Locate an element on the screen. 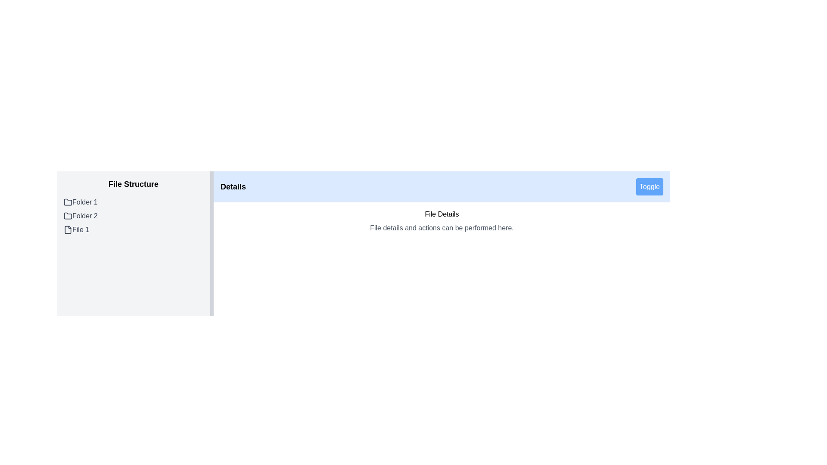 The image size is (827, 465). the non-interactive text label that serves as the title for the file structure hierarchy in the left-hand sidebar, located above 'Folder 1', 'Folder 2', and 'File 1' is located at coordinates (133, 184).